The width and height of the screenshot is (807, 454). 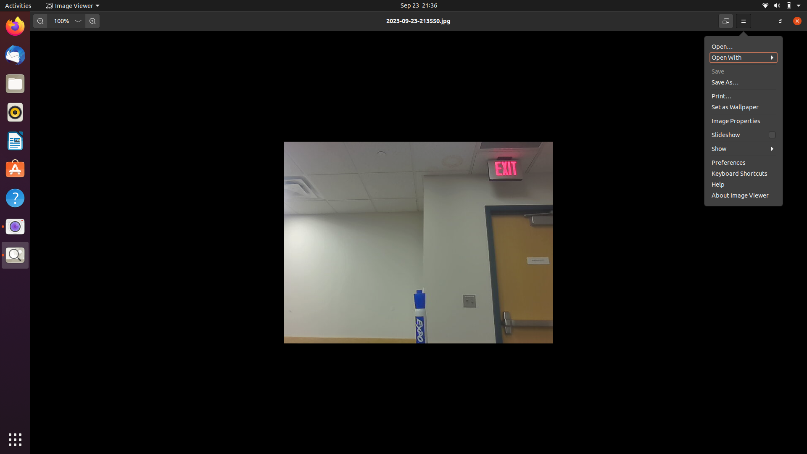 What do you see at coordinates (92, 21) in the screenshot?
I see `Magnify the visual by one increment` at bounding box center [92, 21].